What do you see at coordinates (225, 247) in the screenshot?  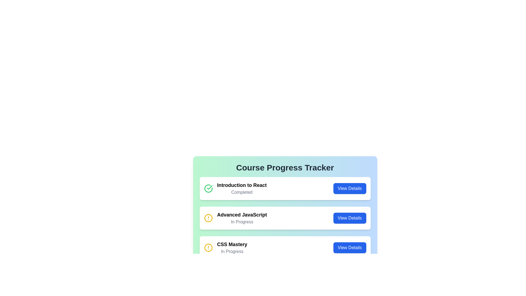 I see `status information of the 'CSS Mastery' course progress display, located in the third card of the vertically stacked elements` at bounding box center [225, 247].